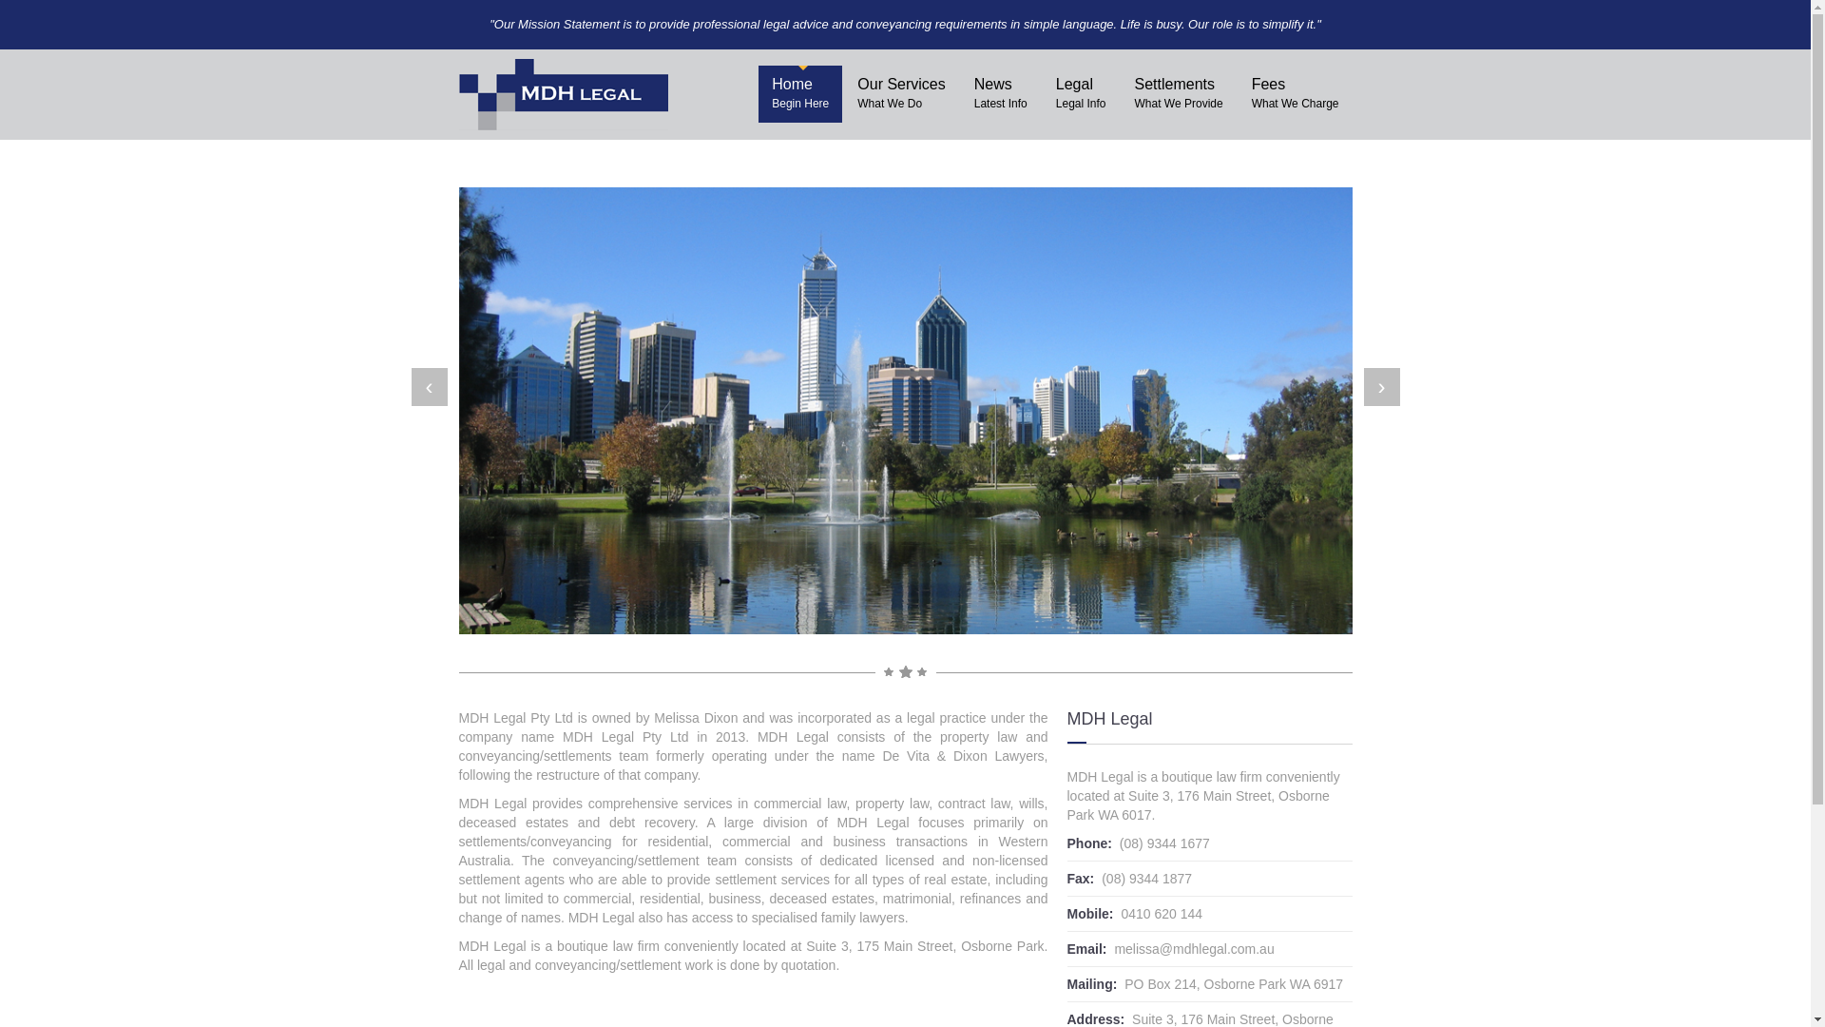  What do you see at coordinates (999, 94) in the screenshot?
I see `'News` at bounding box center [999, 94].